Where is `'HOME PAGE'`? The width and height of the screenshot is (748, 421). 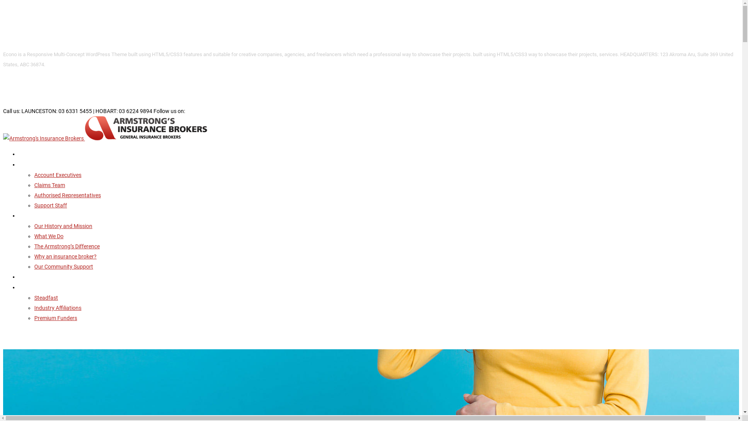
'HOME PAGE' is located at coordinates (32, 154).